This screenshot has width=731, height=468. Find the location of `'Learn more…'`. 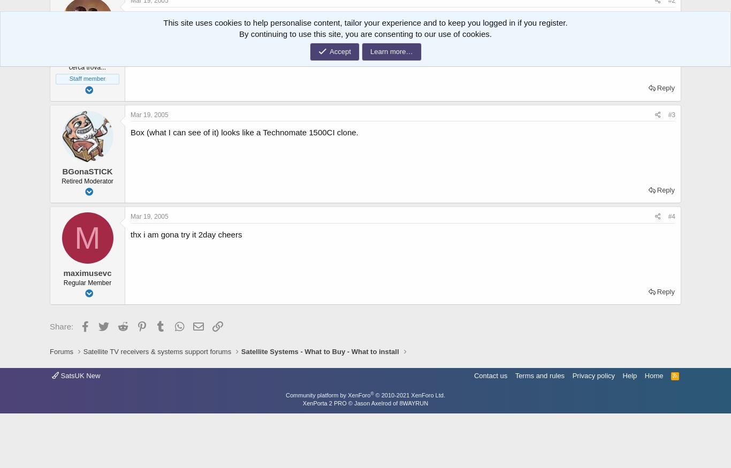

'Learn more…' is located at coordinates (391, 51).